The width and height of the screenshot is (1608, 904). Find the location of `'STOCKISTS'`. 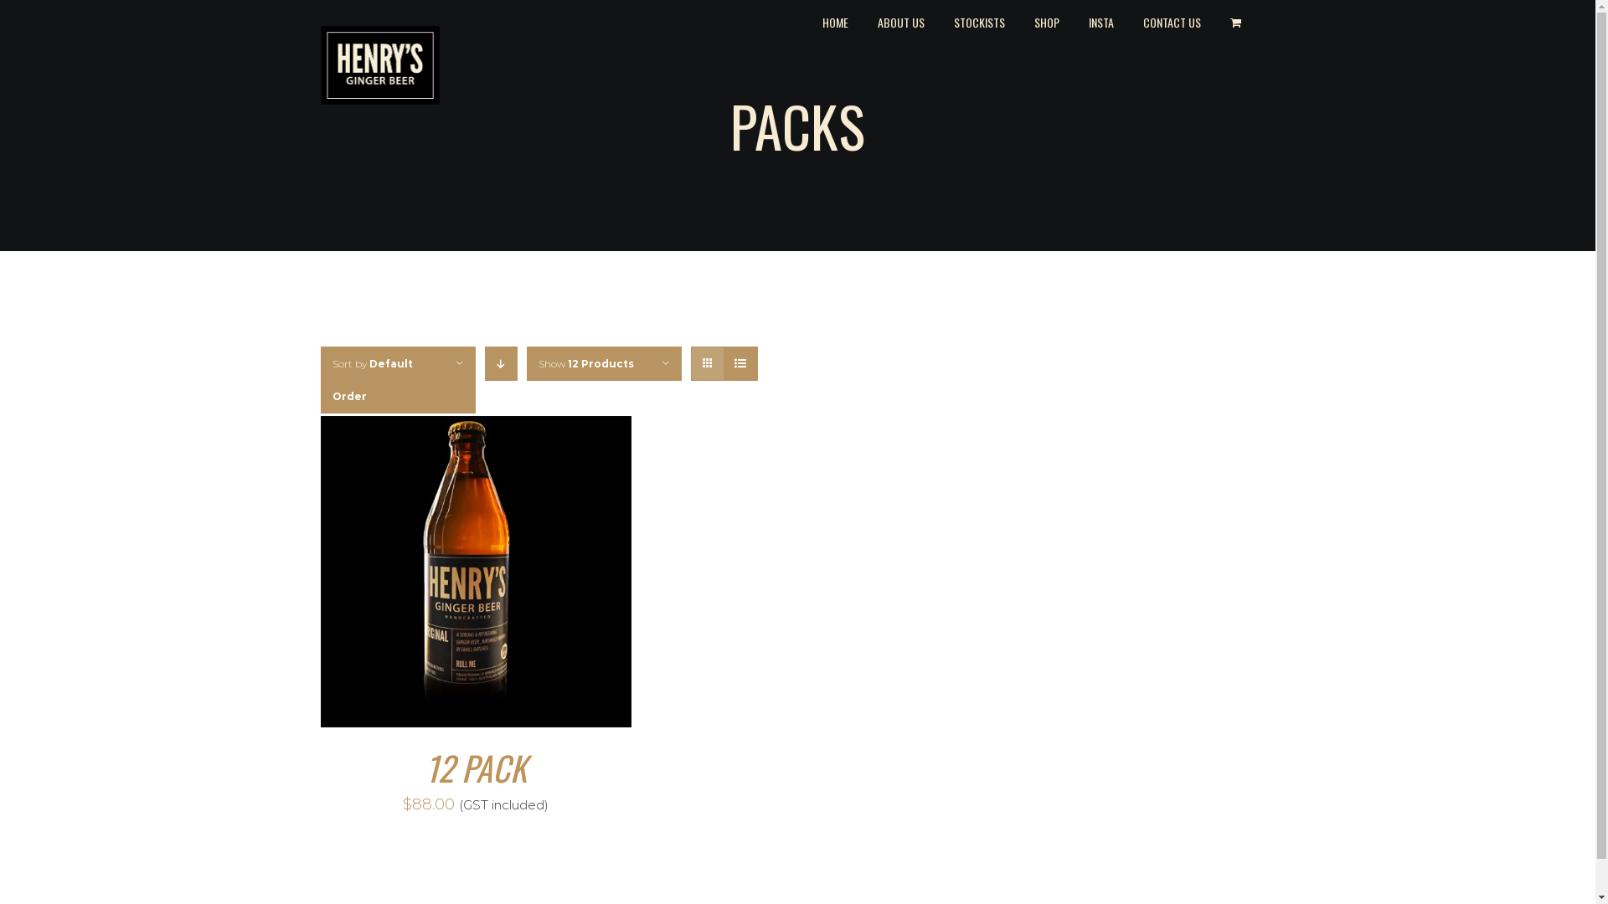

'STOCKISTS' is located at coordinates (978, 20).